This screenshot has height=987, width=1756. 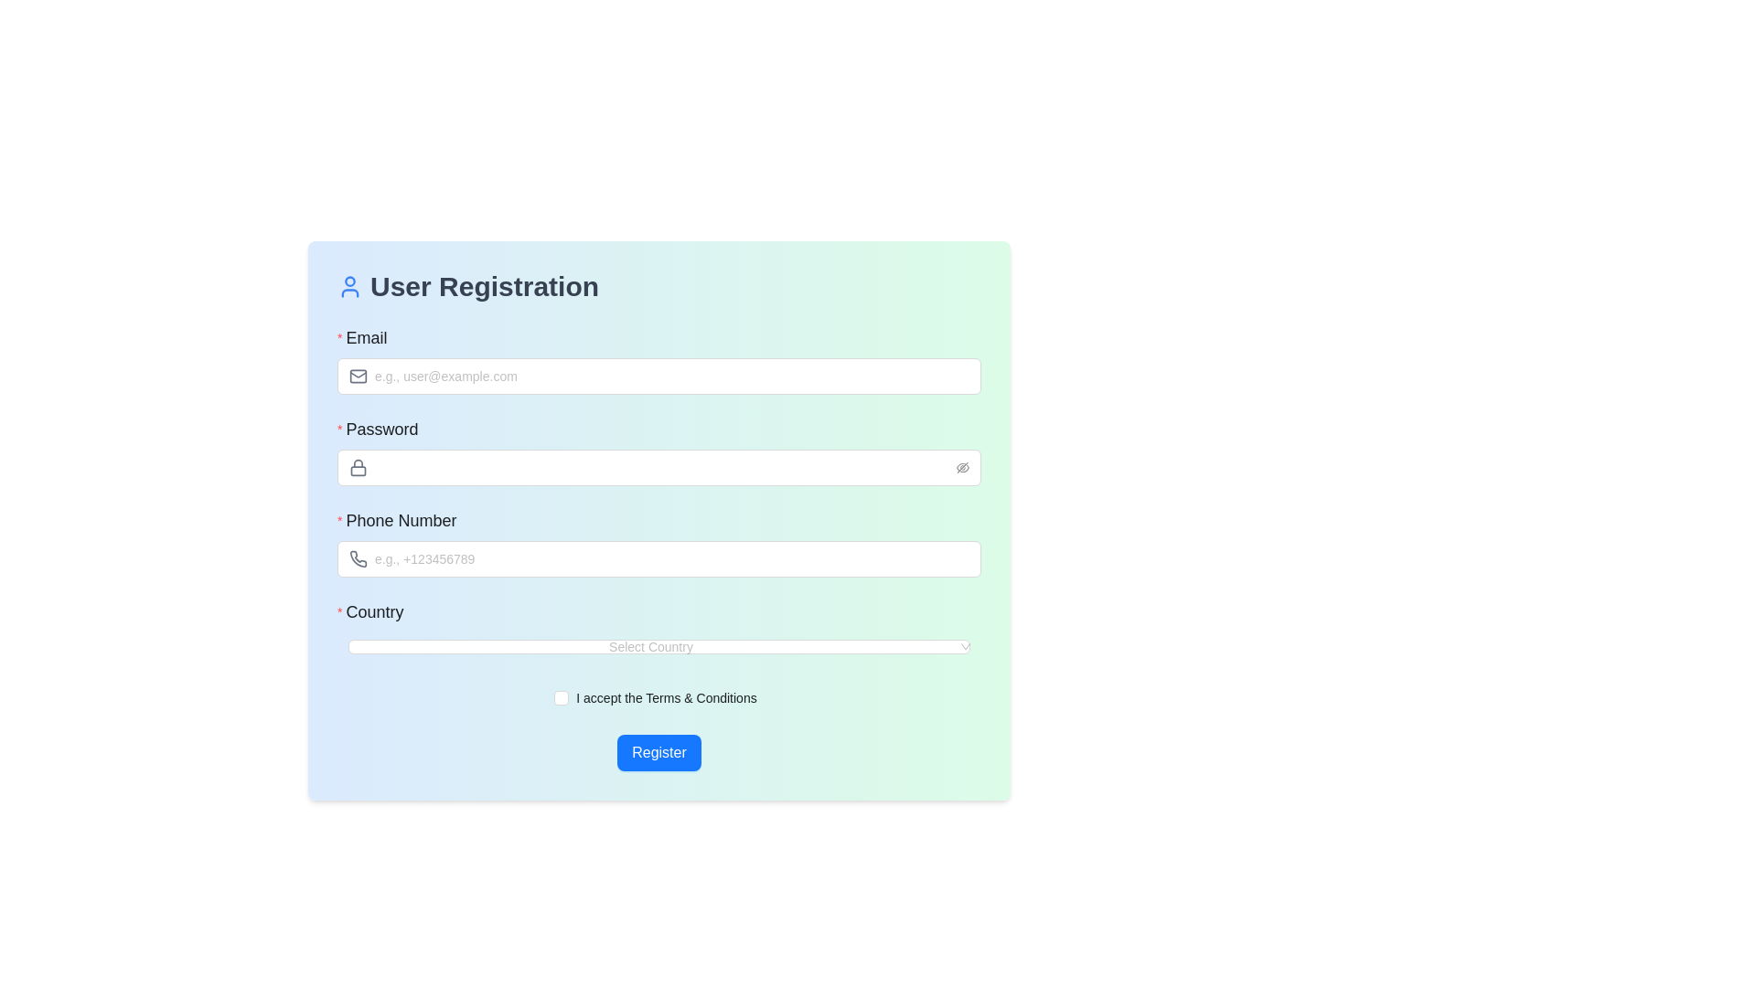 I want to click on the lock icon which is styled in a gray tone and positioned to the left within the 'Password' input field, so click(x=359, y=467).